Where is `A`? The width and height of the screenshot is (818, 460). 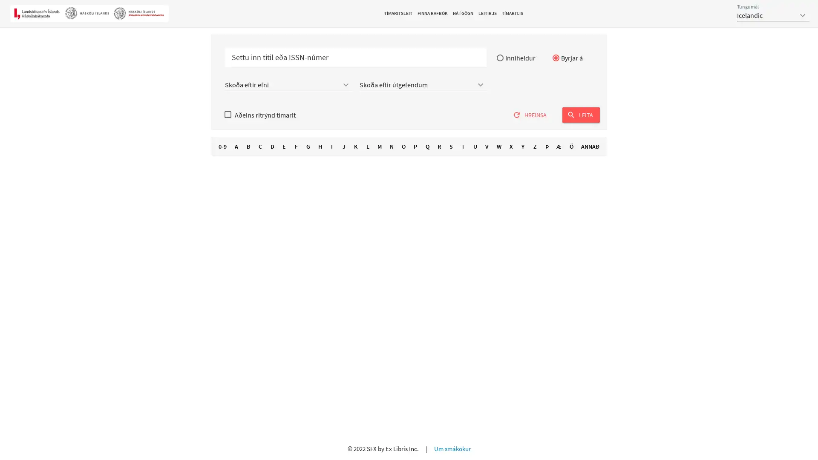 A is located at coordinates (236, 146).